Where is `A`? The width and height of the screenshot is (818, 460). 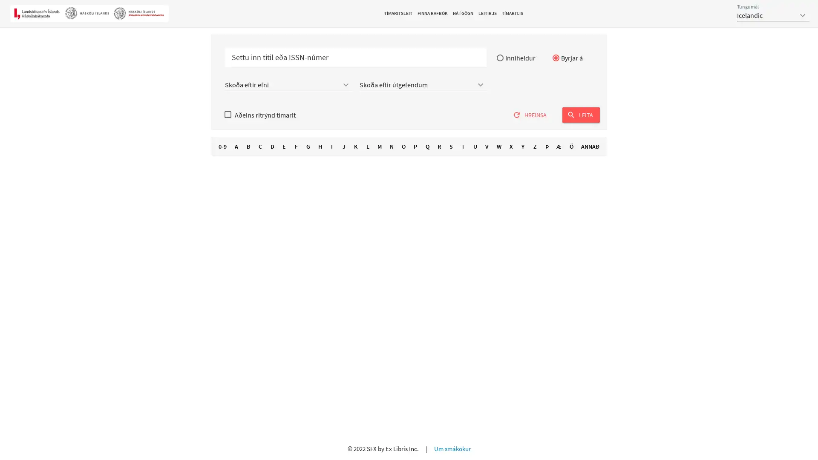 A is located at coordinates (236, 146).